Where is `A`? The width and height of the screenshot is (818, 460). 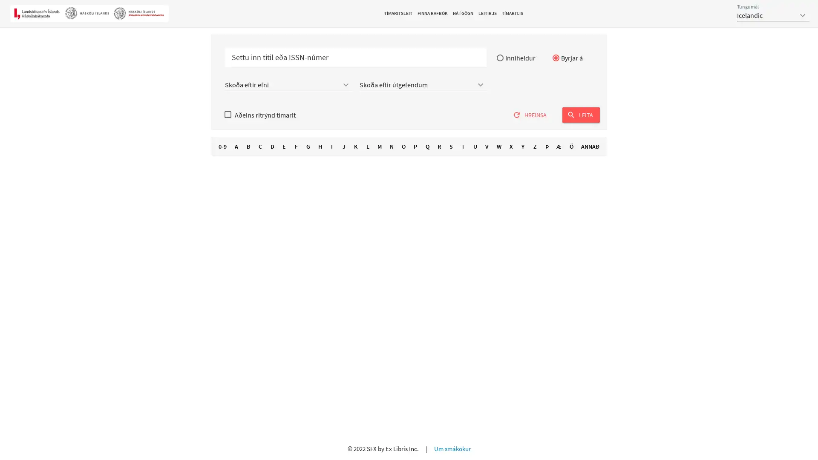 A is located at coordinates (236, 146).